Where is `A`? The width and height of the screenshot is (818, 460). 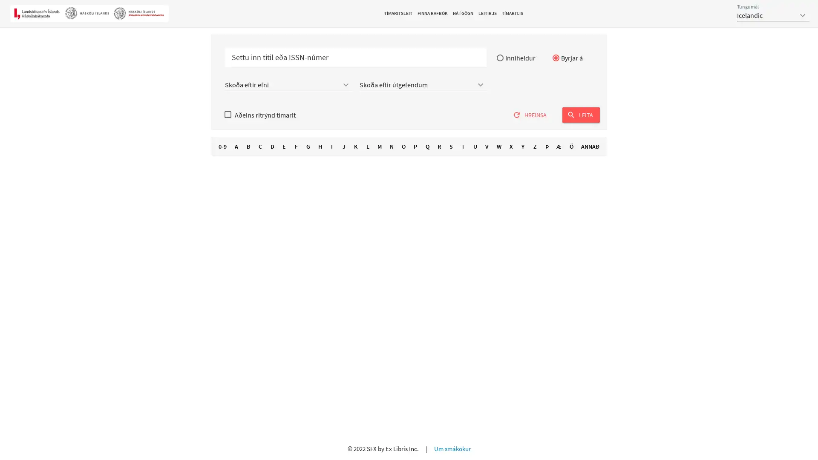 A is located at coordinates (236, 146).